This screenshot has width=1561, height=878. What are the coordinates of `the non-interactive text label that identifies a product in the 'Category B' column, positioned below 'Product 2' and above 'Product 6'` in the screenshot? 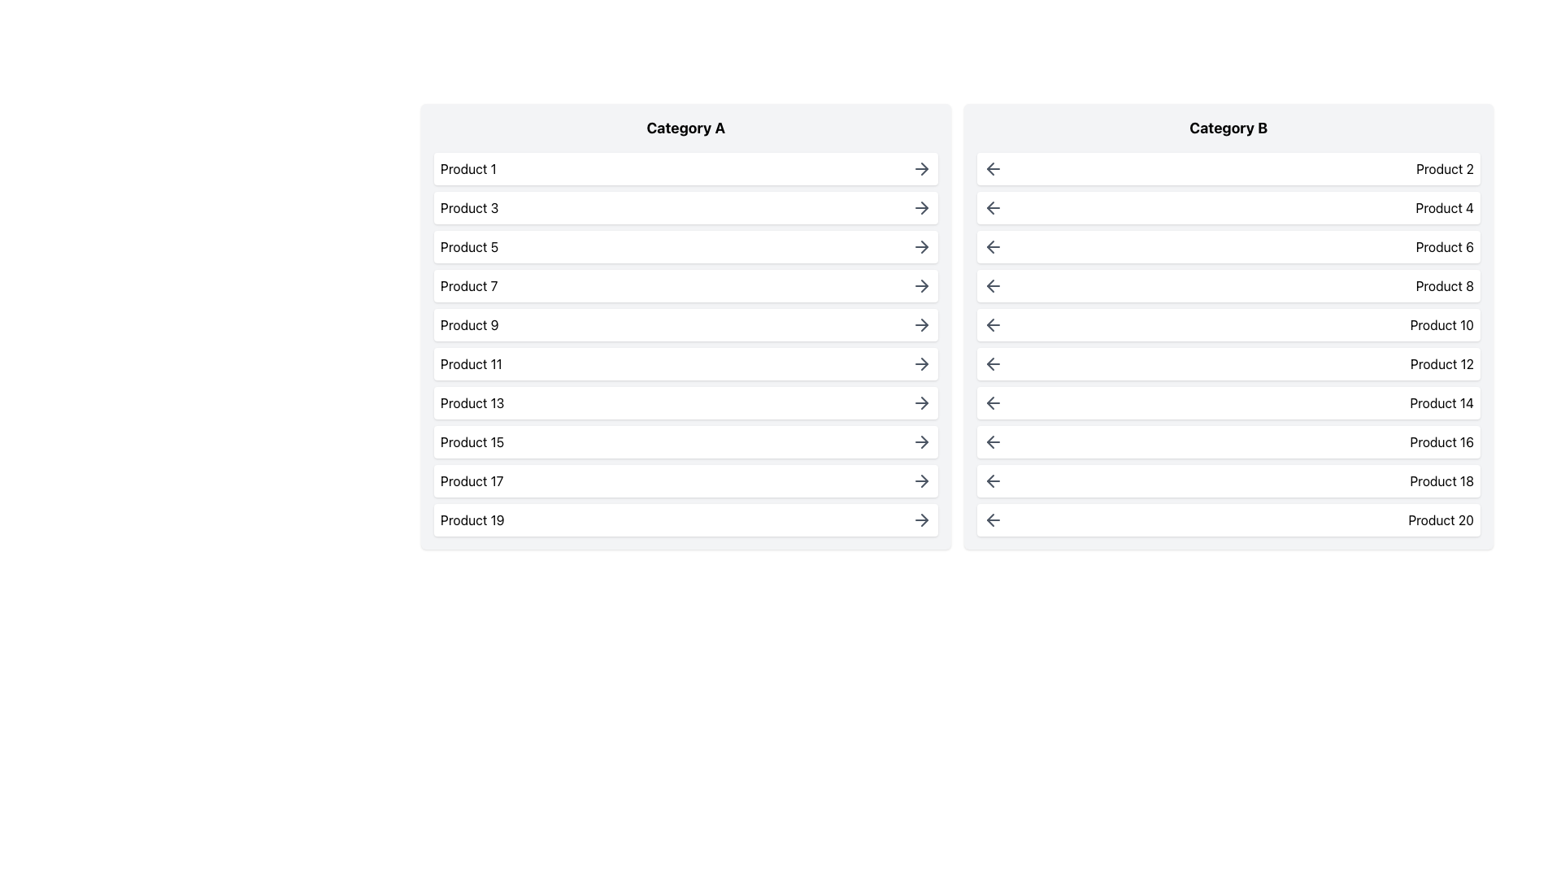 It's located at (1445, 206).